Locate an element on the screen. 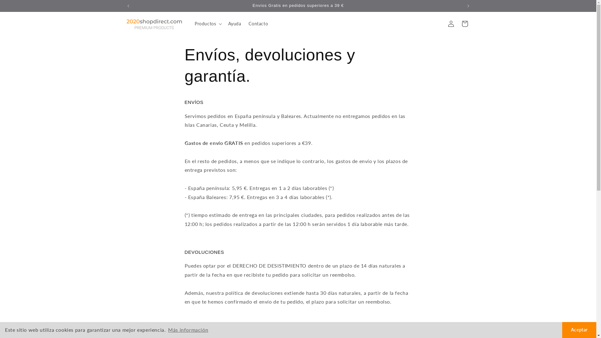 The height and width of the screenshot is (338, 601). 'Carrito' is located at coordinates (464, 23).